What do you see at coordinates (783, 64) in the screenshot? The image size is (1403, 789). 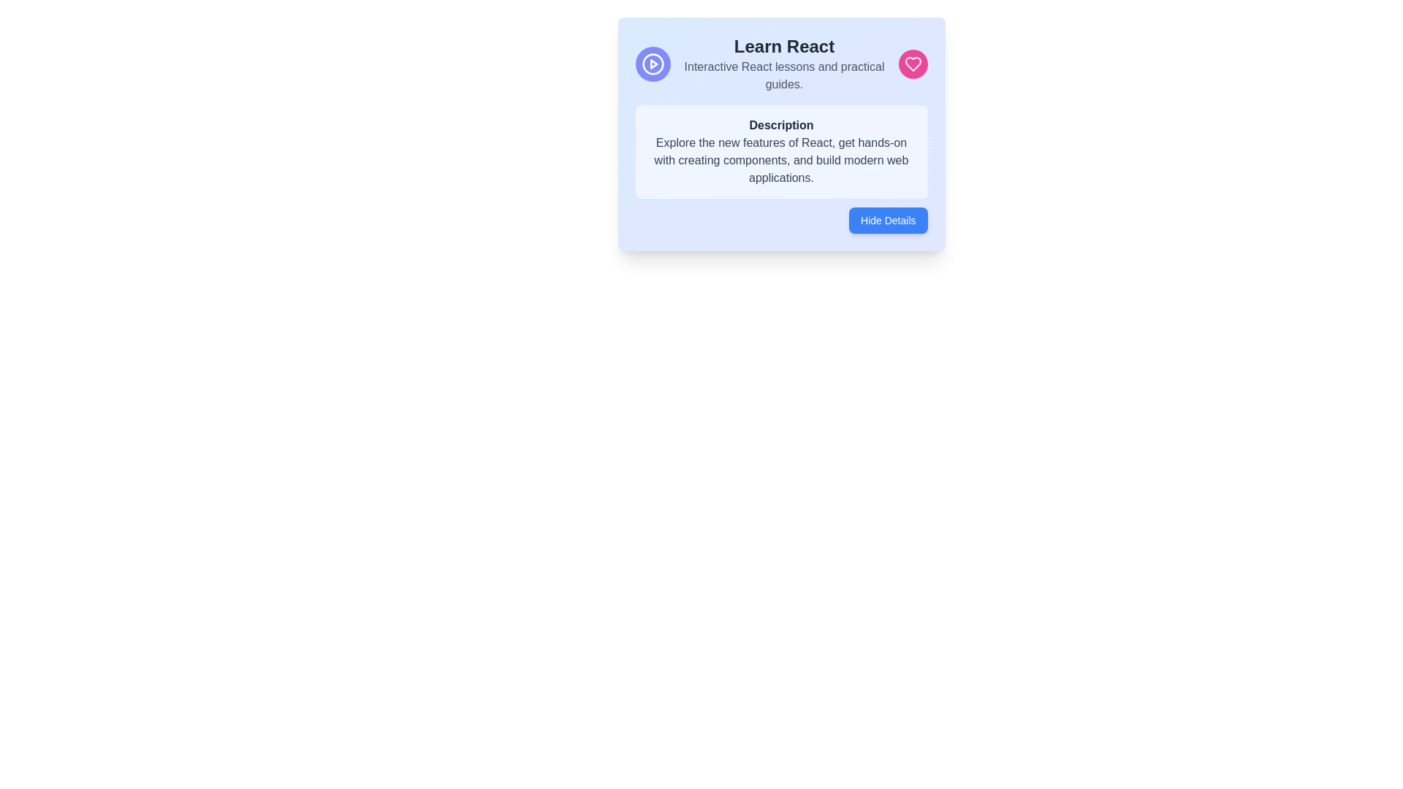 I see `the text block featuring the phrase 'Learn React' and its descriptive text 'Interactive React lessons and practical guides.'` at bounding box center [783, 64].